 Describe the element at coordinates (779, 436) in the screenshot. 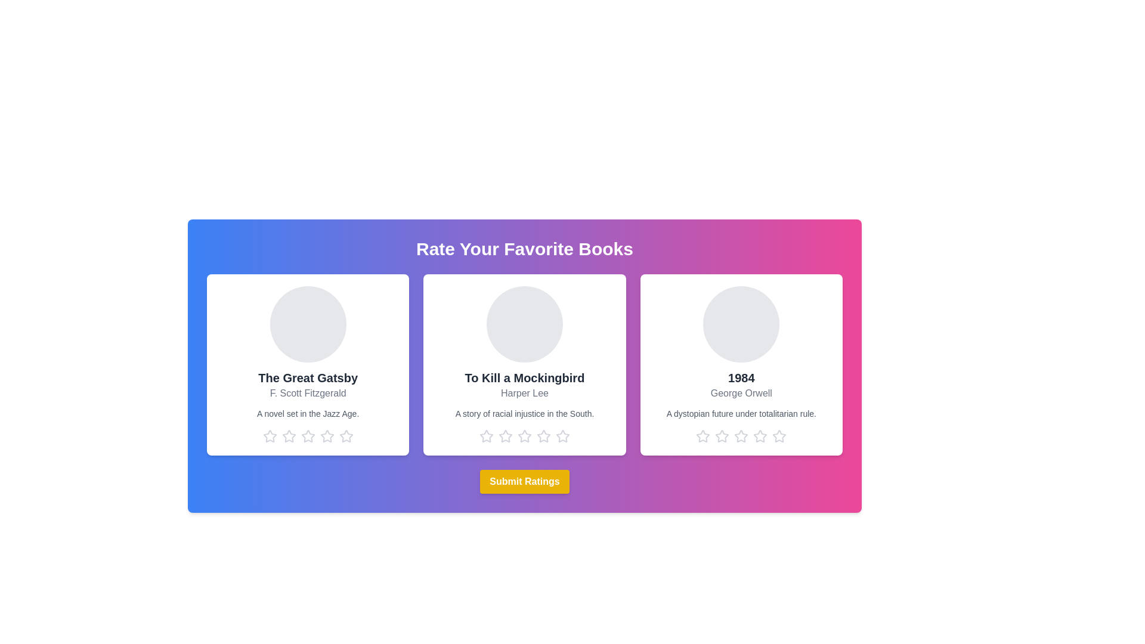

I see `the star corresponding to 5 stars for the book titled 1984` at that location.